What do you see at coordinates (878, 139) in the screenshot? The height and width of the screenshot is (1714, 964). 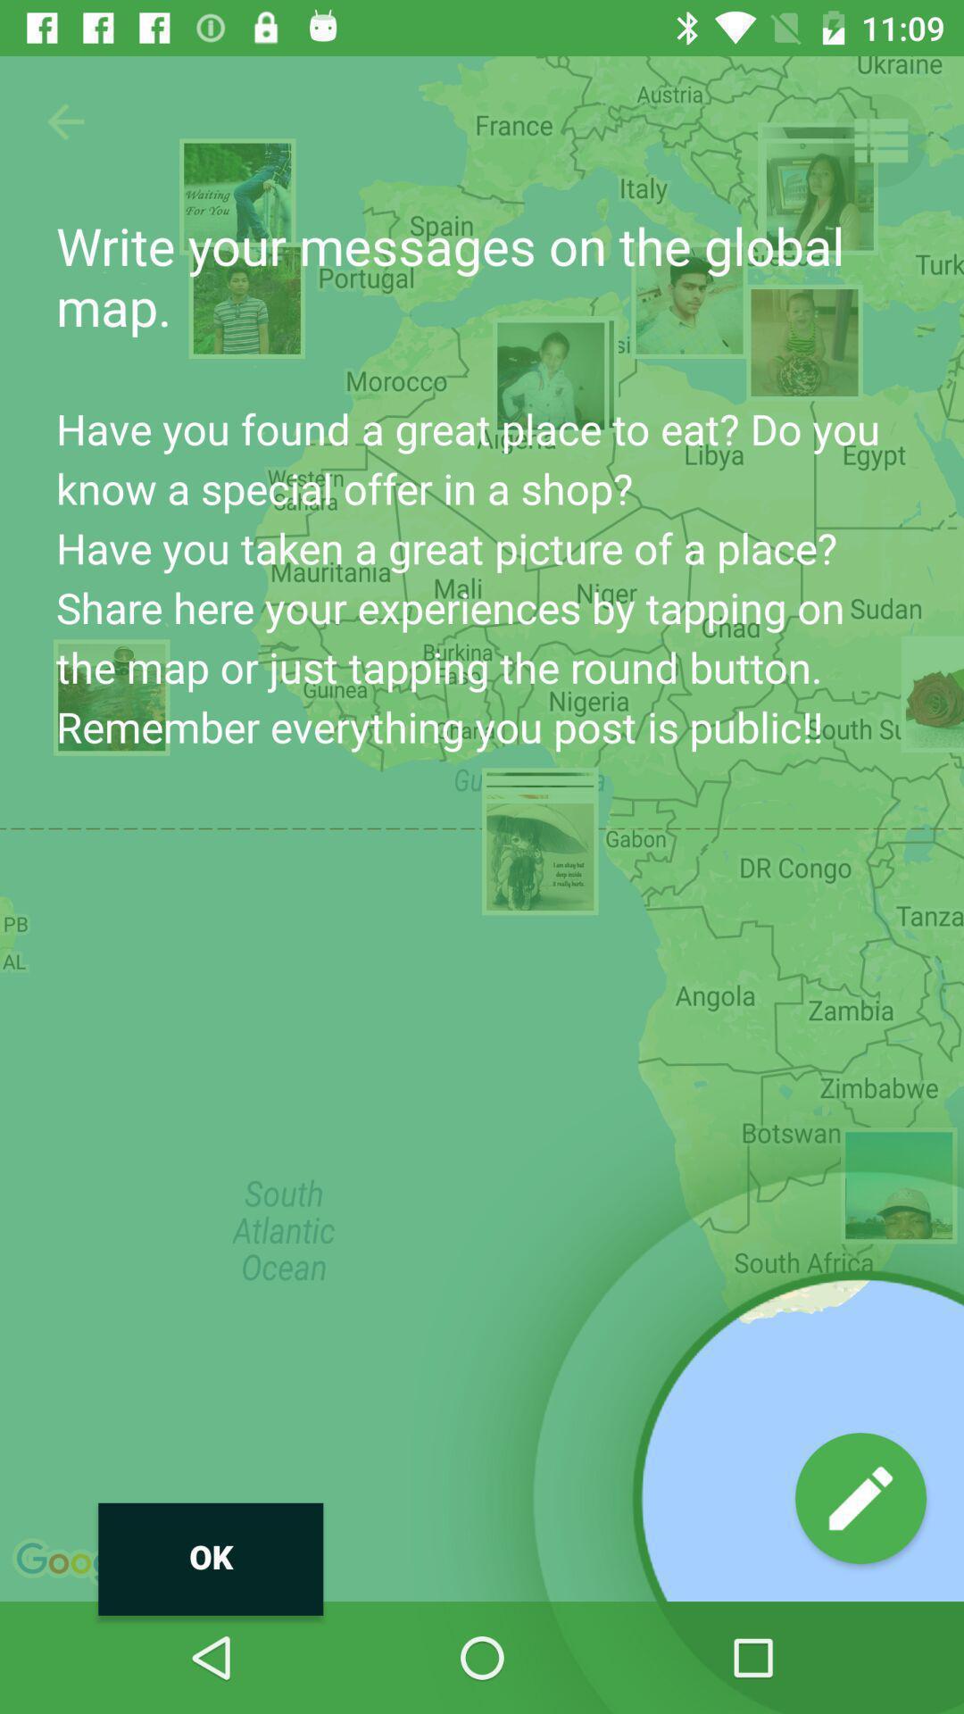 I see `display menu` at bounding box center [878, 139].